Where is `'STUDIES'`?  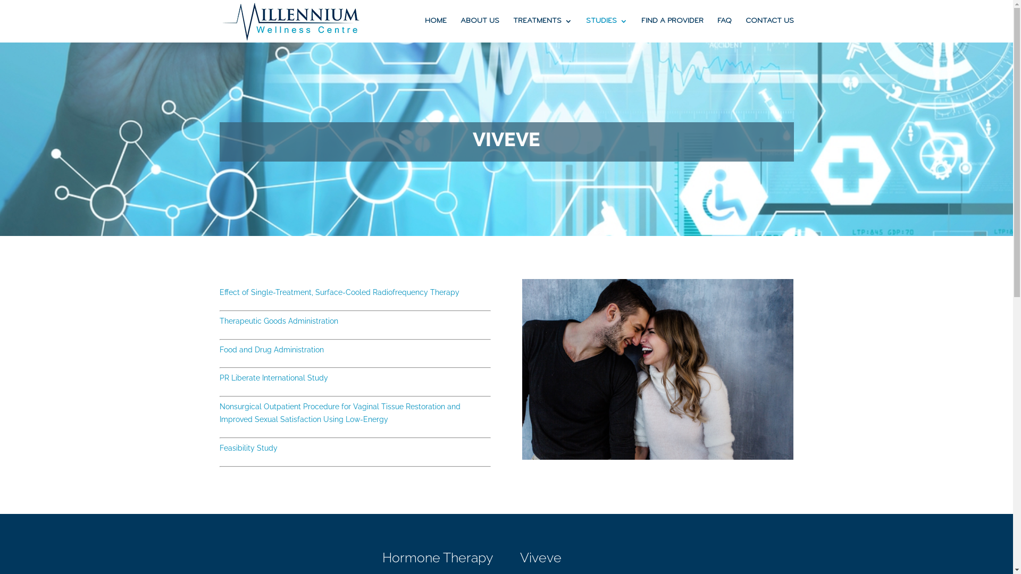
'STUDIES' is located at coordinates (607, 29).